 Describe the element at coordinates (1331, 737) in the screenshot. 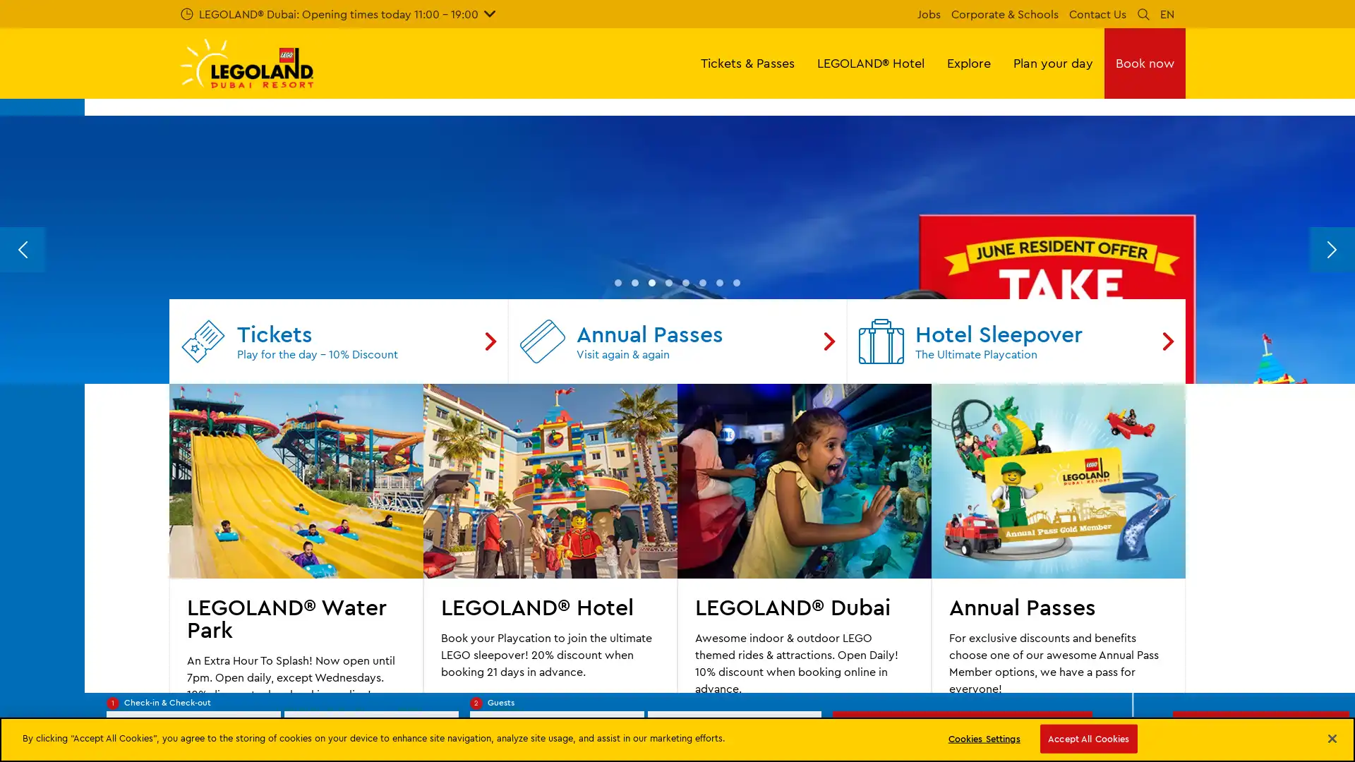

I see `Close` at that location.